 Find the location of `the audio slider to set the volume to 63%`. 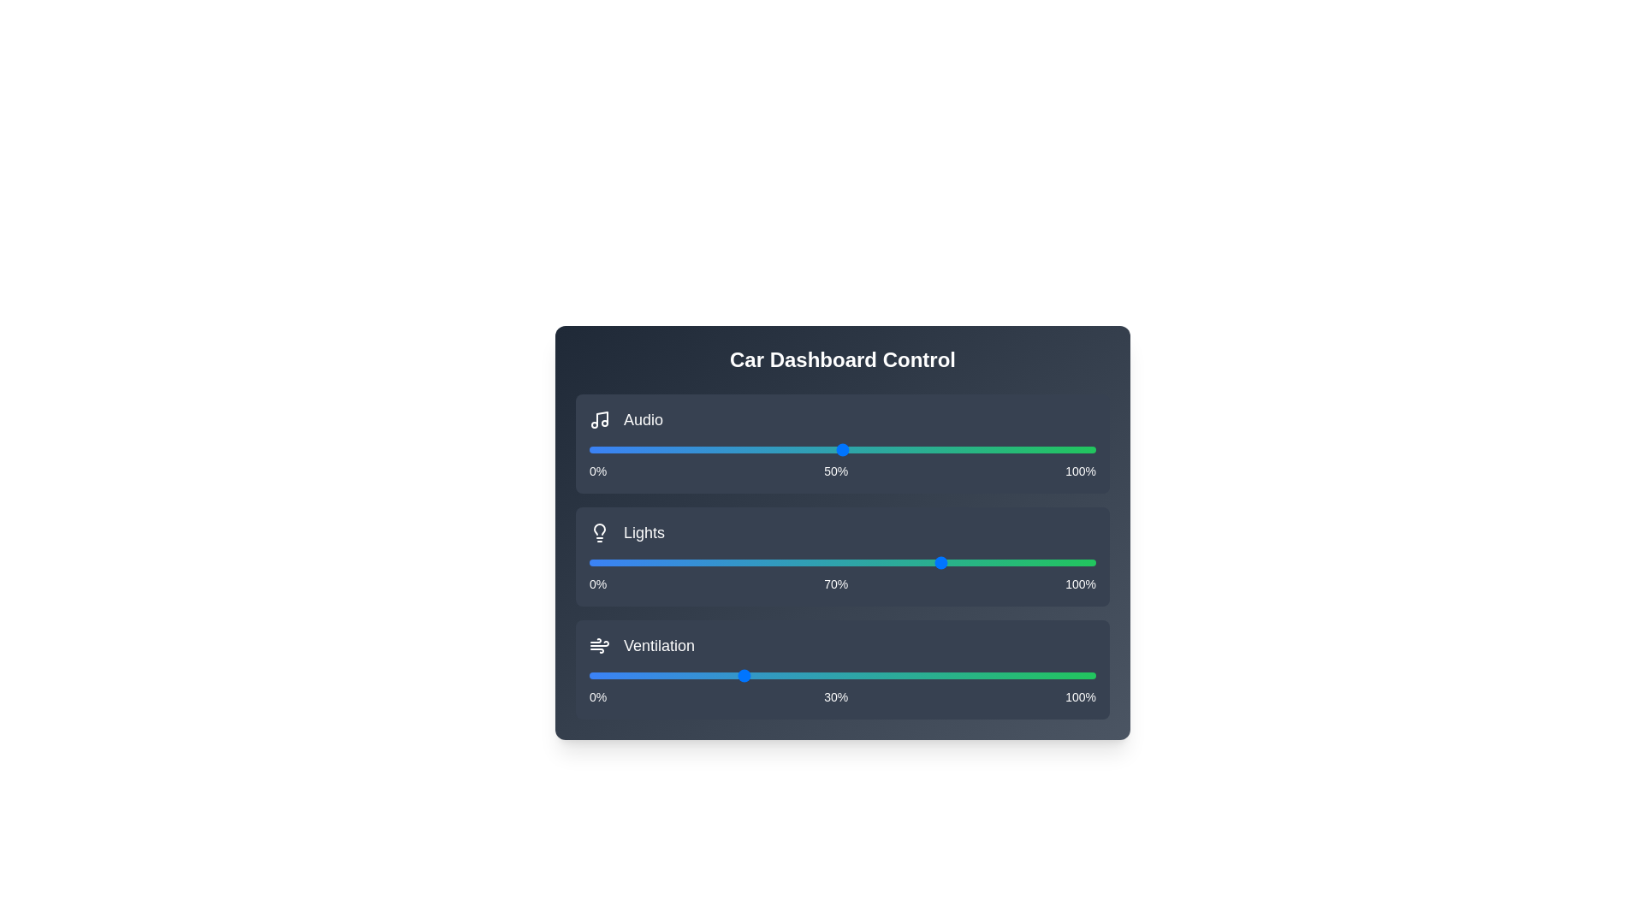

the audio slider to set the volume to 63% is located at coordinates (907, 448).